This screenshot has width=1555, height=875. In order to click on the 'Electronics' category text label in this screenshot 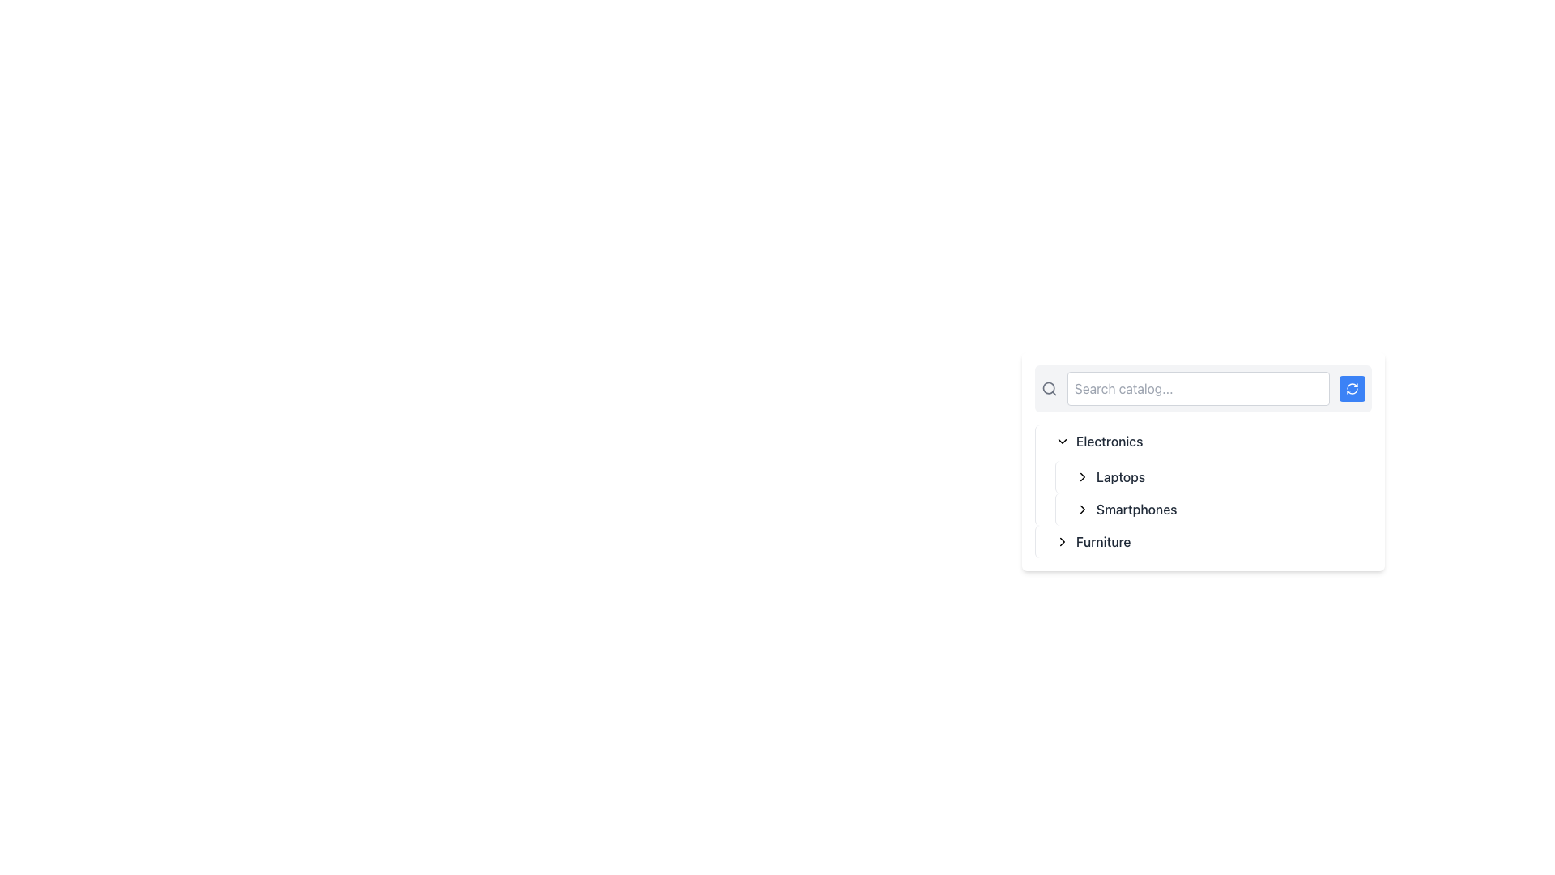, I will do `click(1109, 441)`.